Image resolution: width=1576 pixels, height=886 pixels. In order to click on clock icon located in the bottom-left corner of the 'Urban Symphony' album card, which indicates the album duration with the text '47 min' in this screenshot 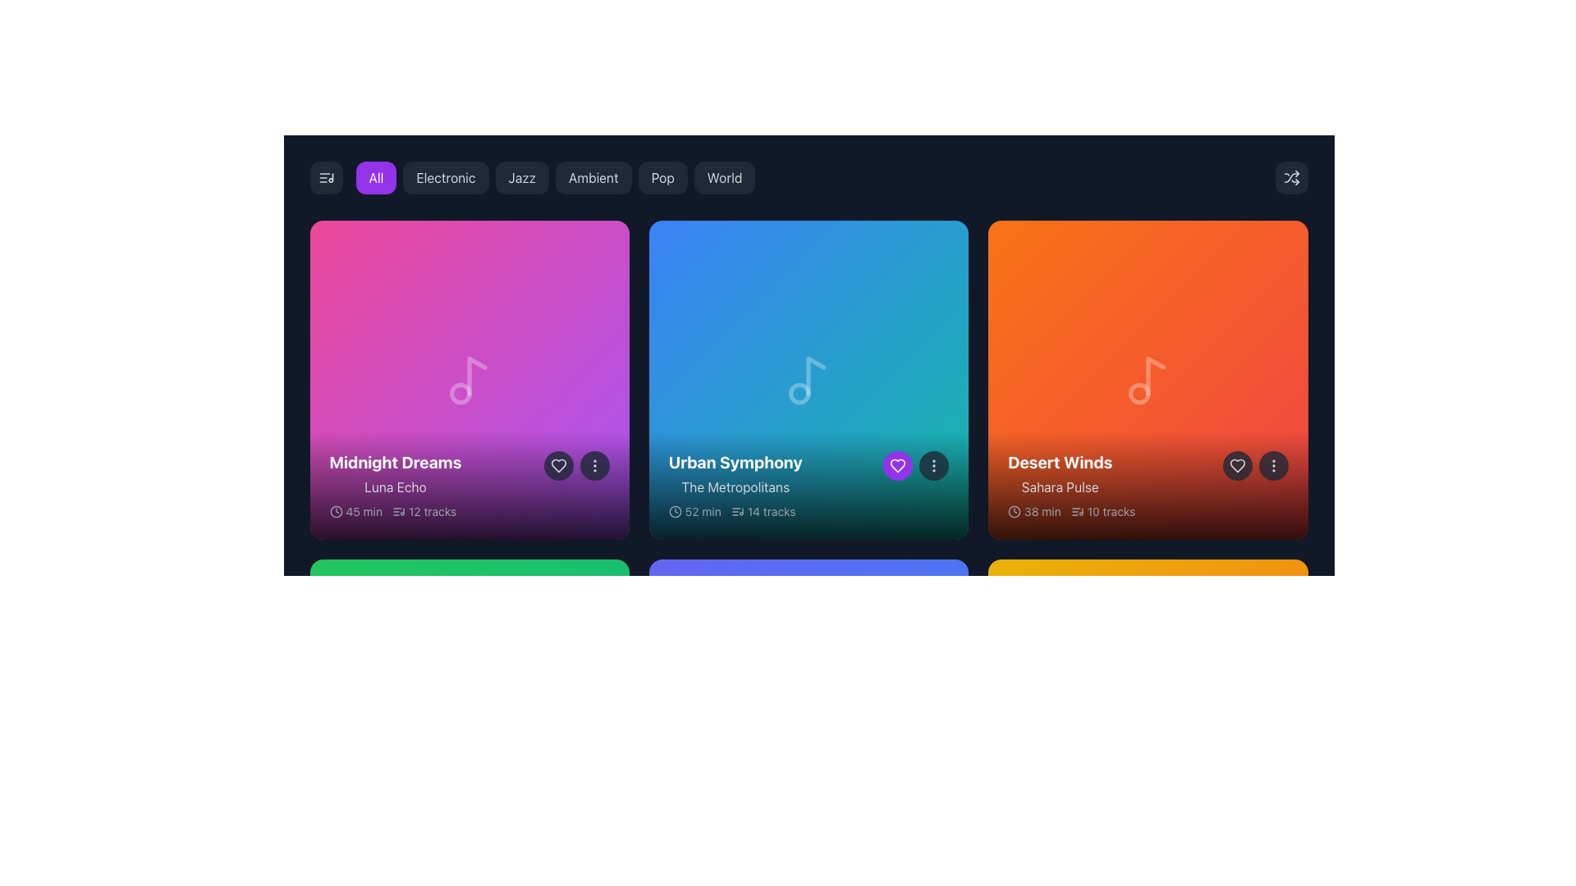, I will do `click(675, 850)`.